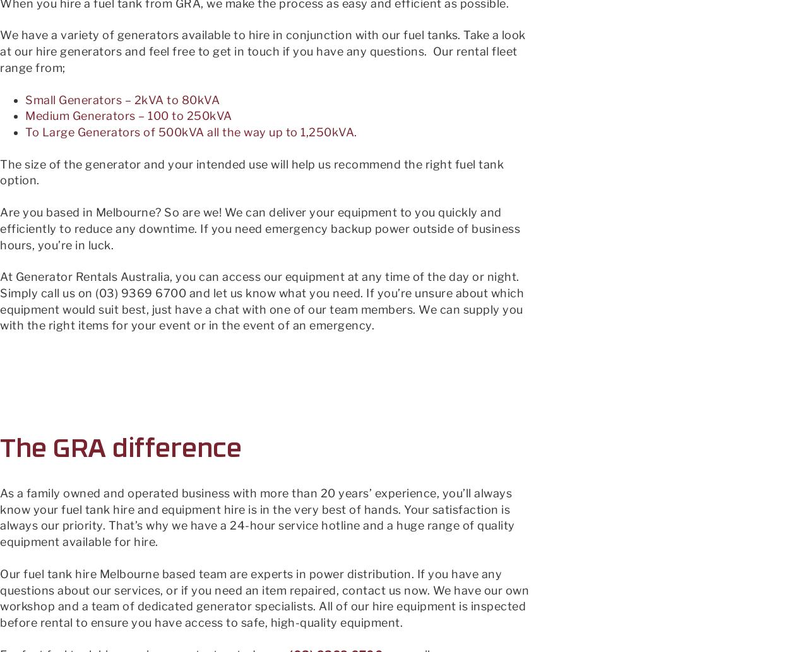 The image size is (808, 652). I want to click on 'To Large Generators of 500kVA all the way up to 1,250kVA.', so click(25, 131).